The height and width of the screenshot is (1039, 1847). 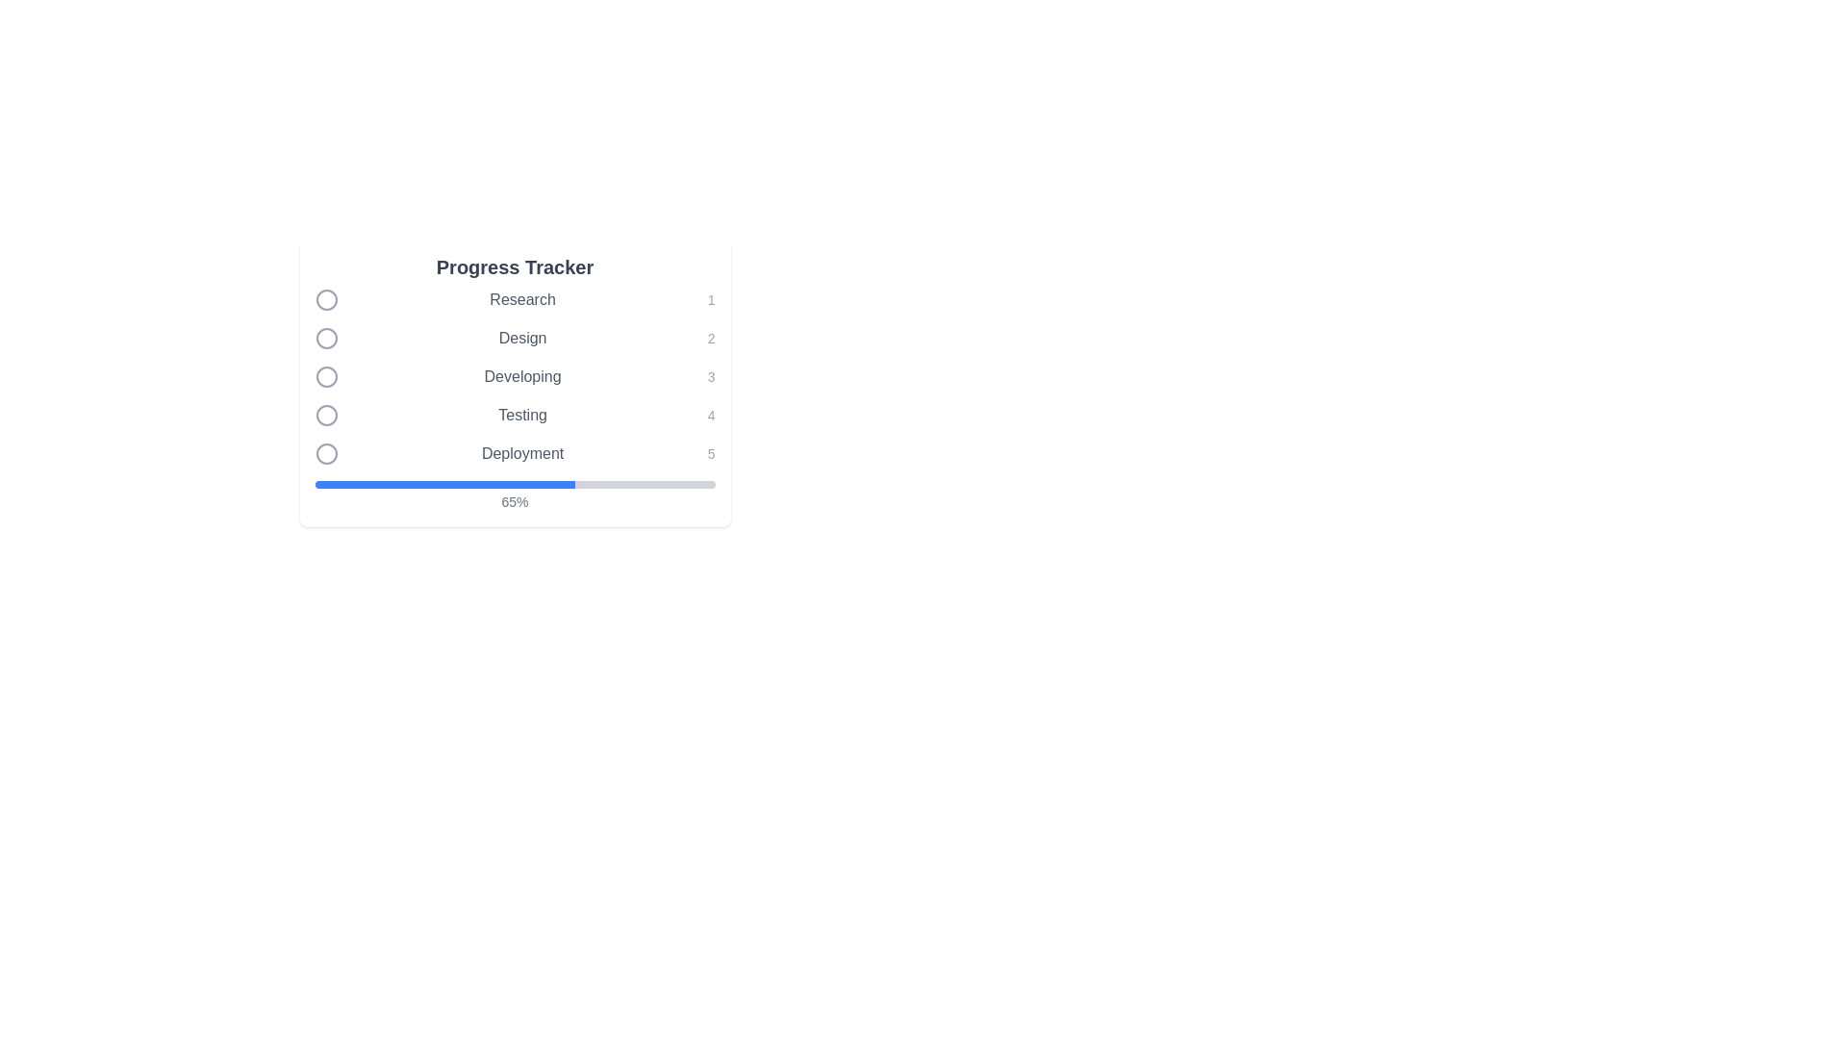 I want to click on the progress percentage displayed in the Progress Tracker element that visually represents the current stage as 'Testing' and overall progress as '65%', so click(x=515, y=399).